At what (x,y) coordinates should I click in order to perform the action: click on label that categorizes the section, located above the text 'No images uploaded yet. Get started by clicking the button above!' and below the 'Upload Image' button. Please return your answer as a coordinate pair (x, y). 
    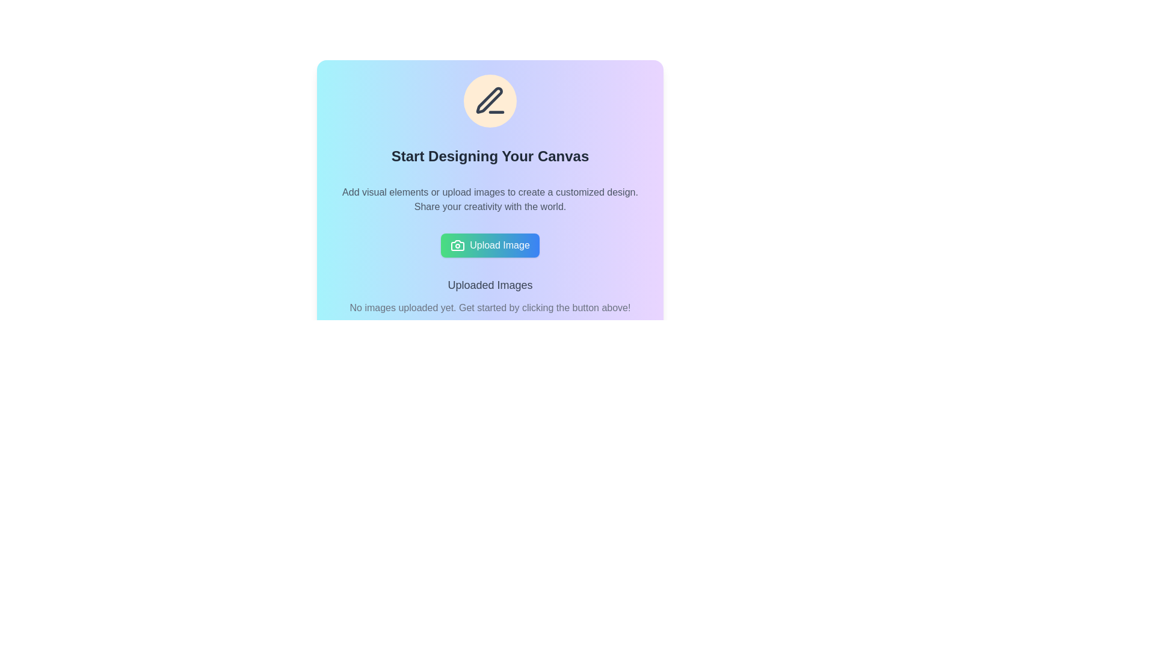
    Looking at the image, I should click on (490, 285).